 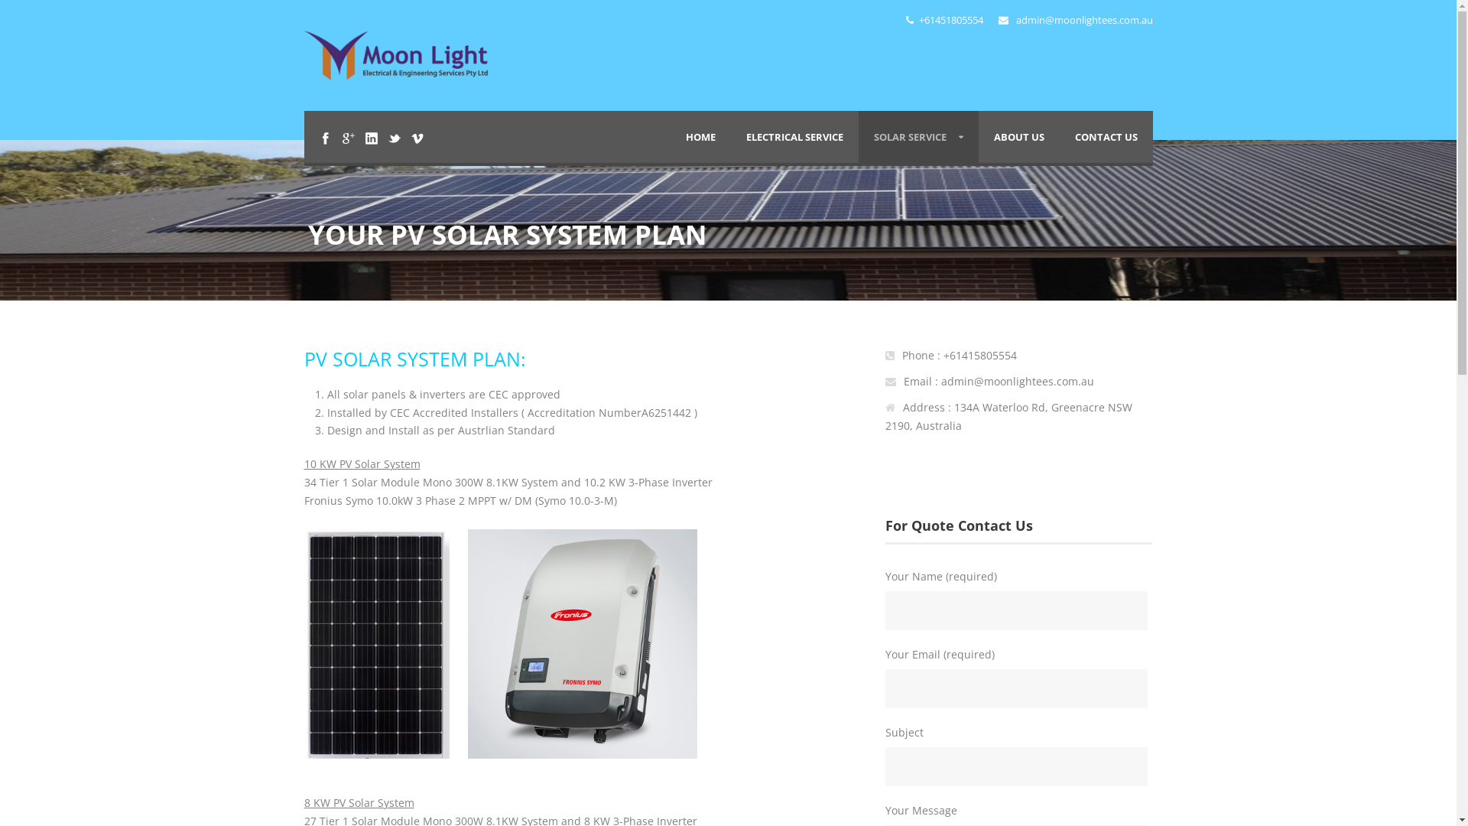 What do you see at coordinates (917, 135) in the screenshot?
I see `'SOLAR SERVICE'` at bounding box center [917, 135].